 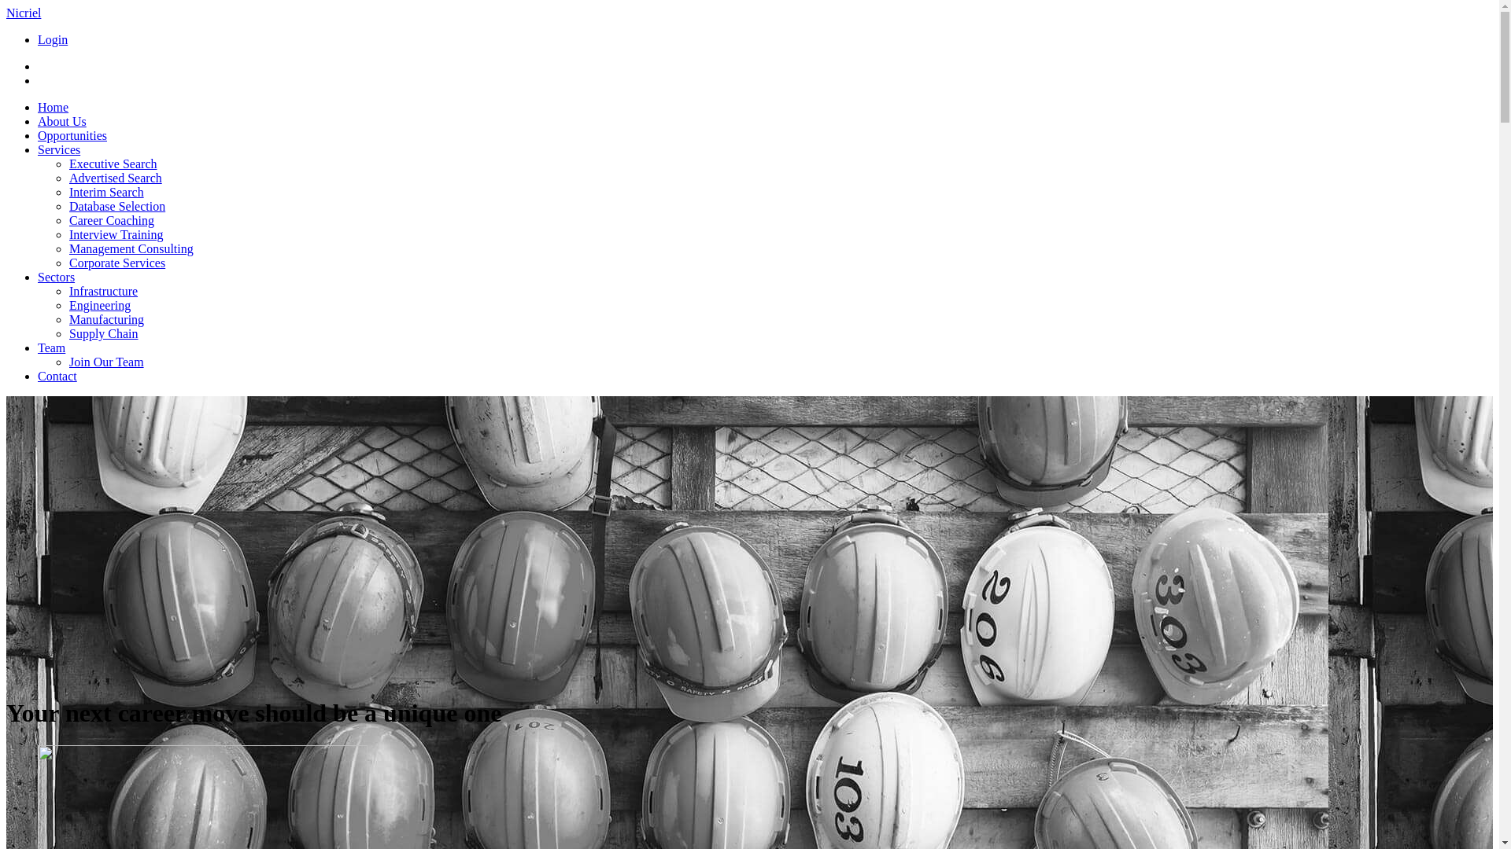 I want to click on 'Contact', so click(x=38, y=376).